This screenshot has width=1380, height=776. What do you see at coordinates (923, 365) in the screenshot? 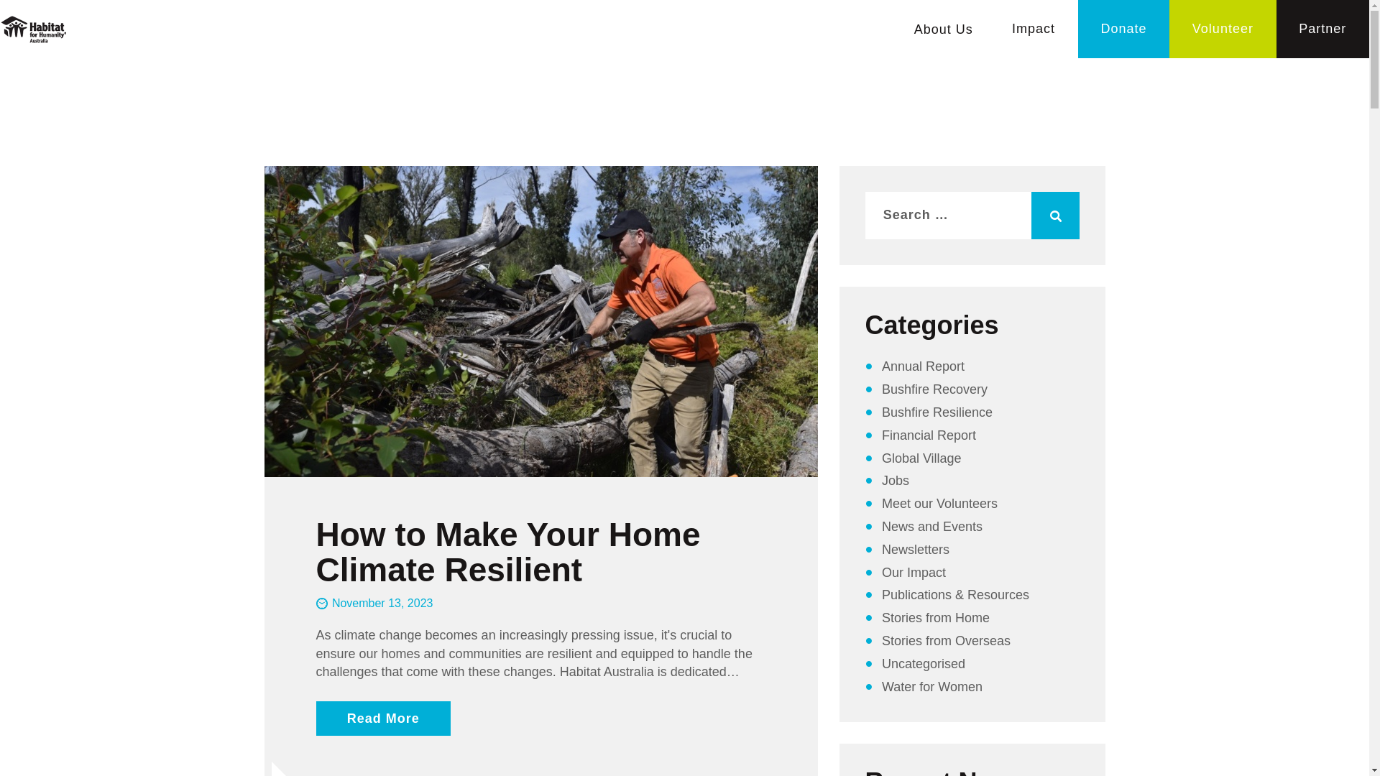
I see `'Annual Report'` at bounding box center [923, 365].